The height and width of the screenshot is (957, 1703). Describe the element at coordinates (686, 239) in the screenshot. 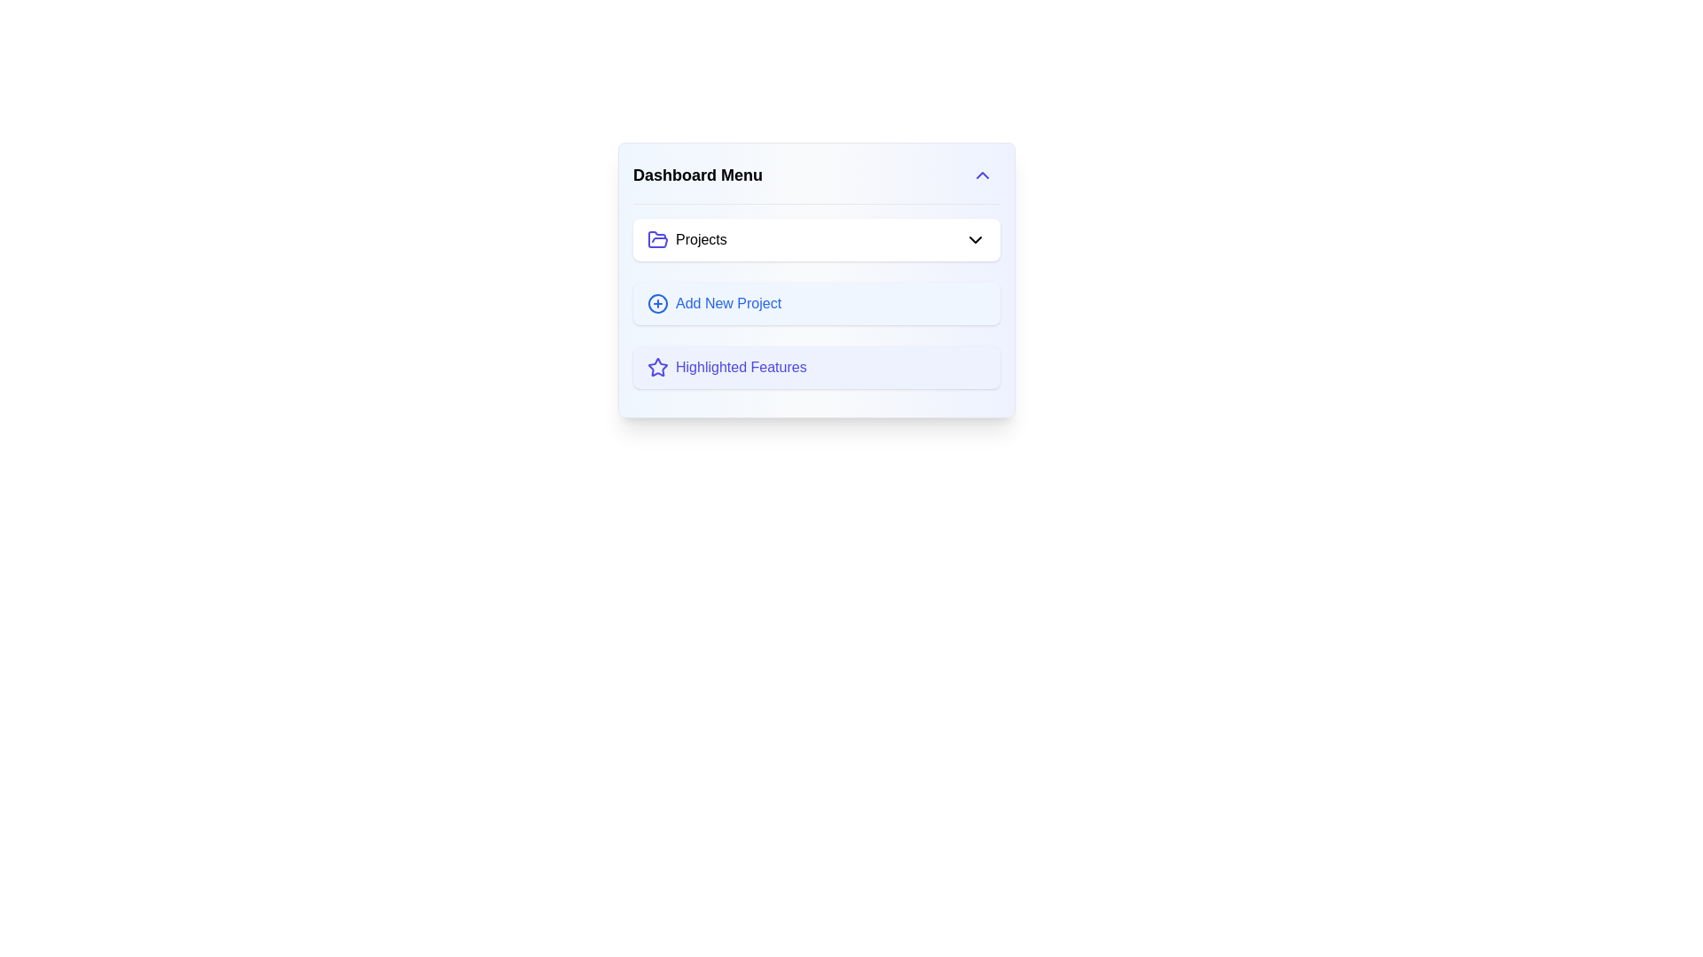

I see `the 'Projects' label with folder icon, which is centrally located in the top section of the 'Dashboard Menu' card interface` at that location.